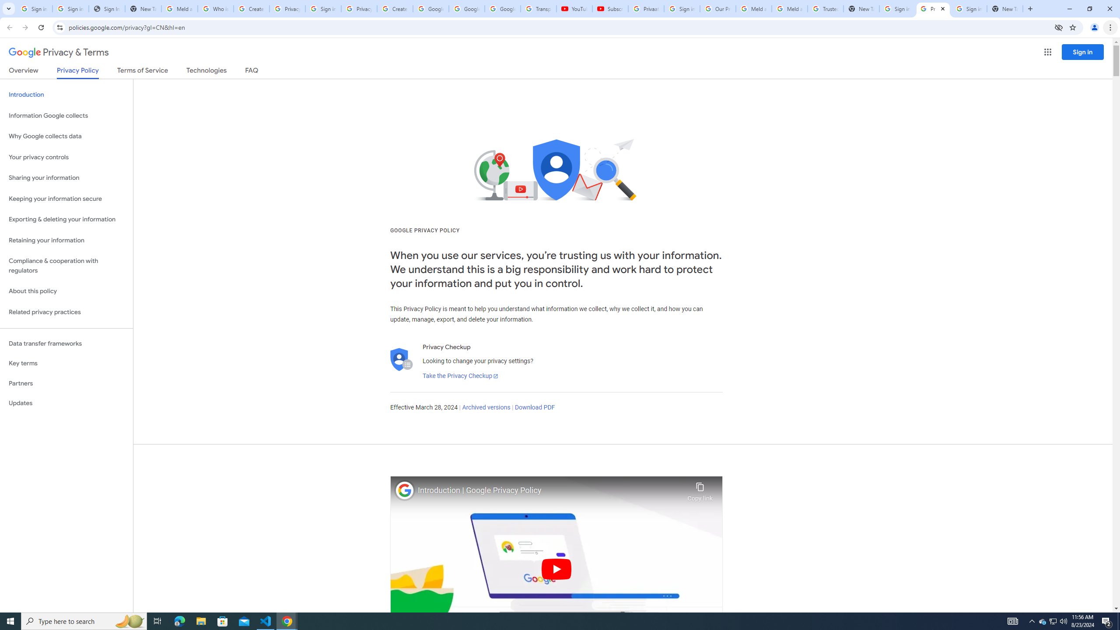 This screenshot has height=630, width=1120. What do you see at coordinates (66, 199) in the screenshot?
I see `'Keeping your information secure'` at bounding box center [66, 199].